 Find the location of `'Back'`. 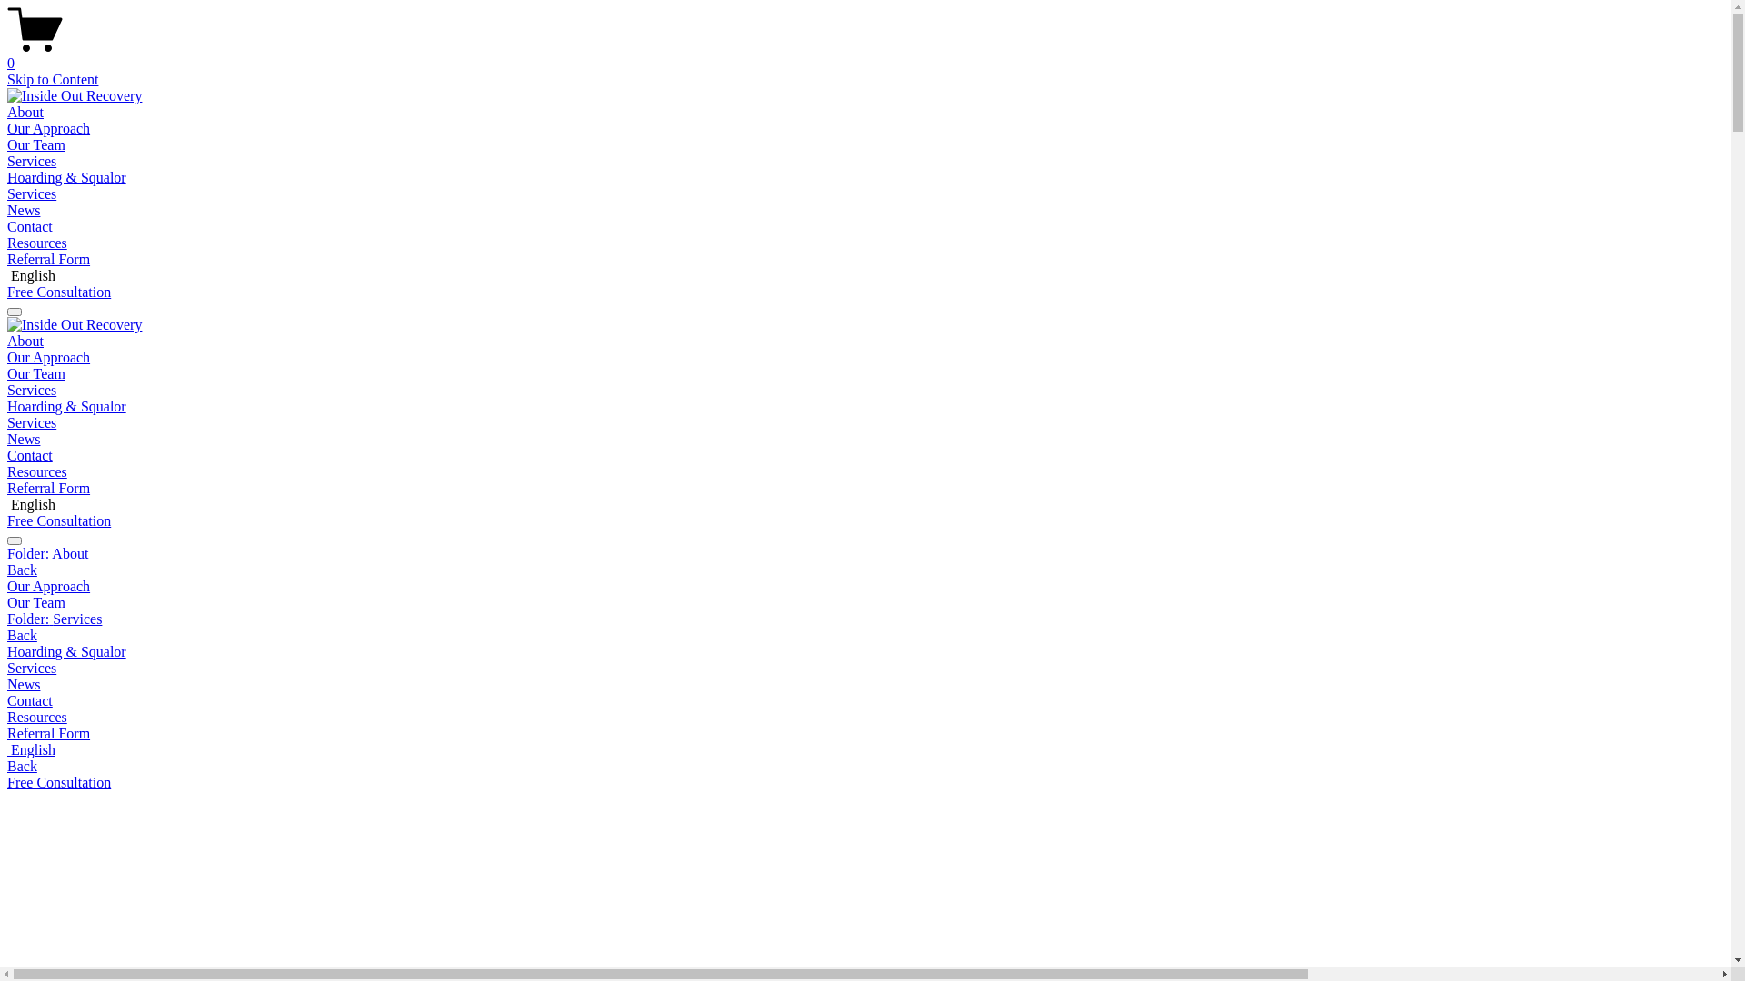

'Back' is located at coordinates (22, 634).